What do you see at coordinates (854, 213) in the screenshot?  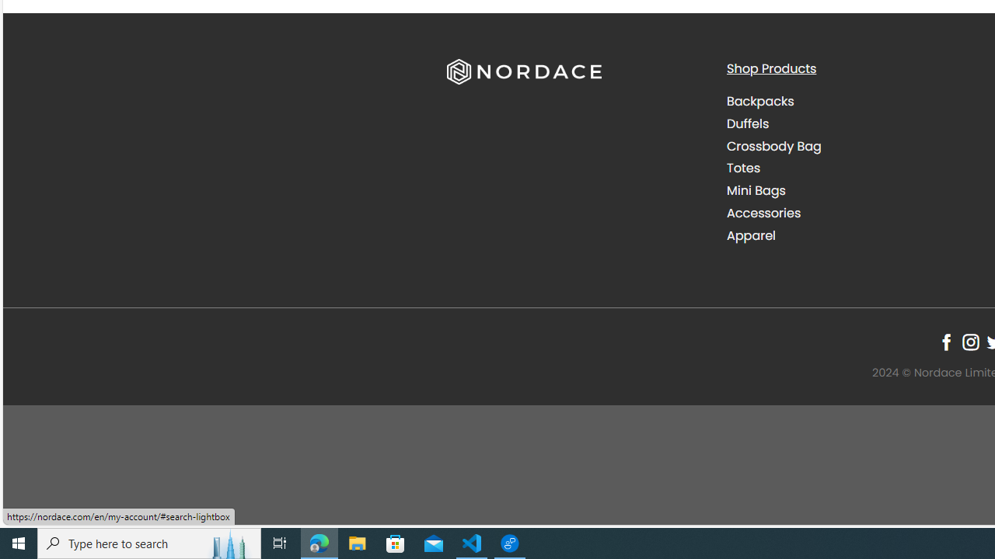 I see `'Accessories'` at bounding box center [854, 213].